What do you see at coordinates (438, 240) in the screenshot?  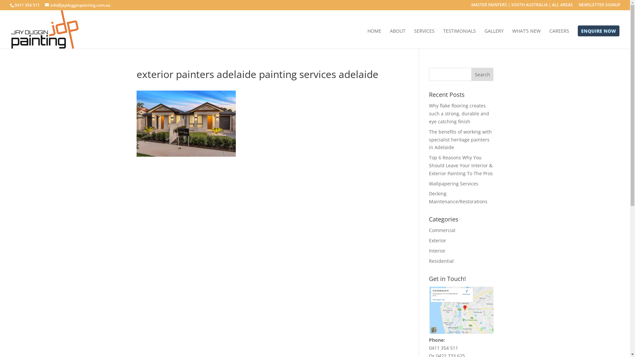 I see `'Exterior'` at bounding box center [438, 240].